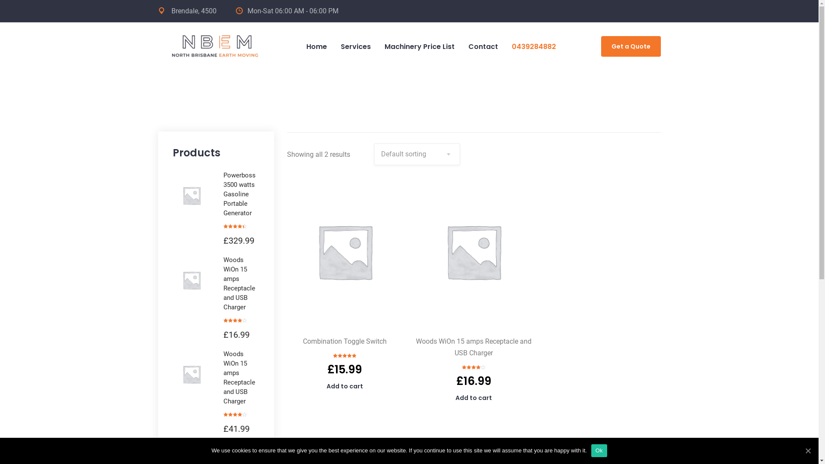 Image resolution: width=825 pixels, height=464 pixels. I want to click on 'Machinery Price List', so click(419, 46).